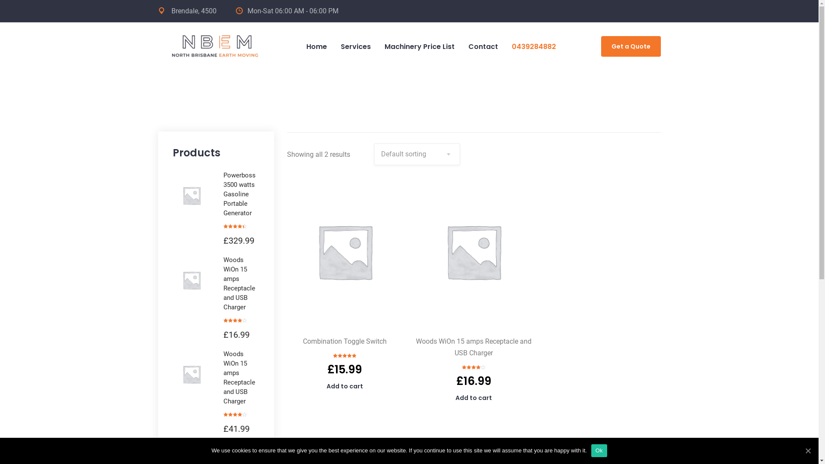 Image resolution: width=825 pixels, height=464 pixels. I want to click on 'Machinery Price List', so click(419, 46).